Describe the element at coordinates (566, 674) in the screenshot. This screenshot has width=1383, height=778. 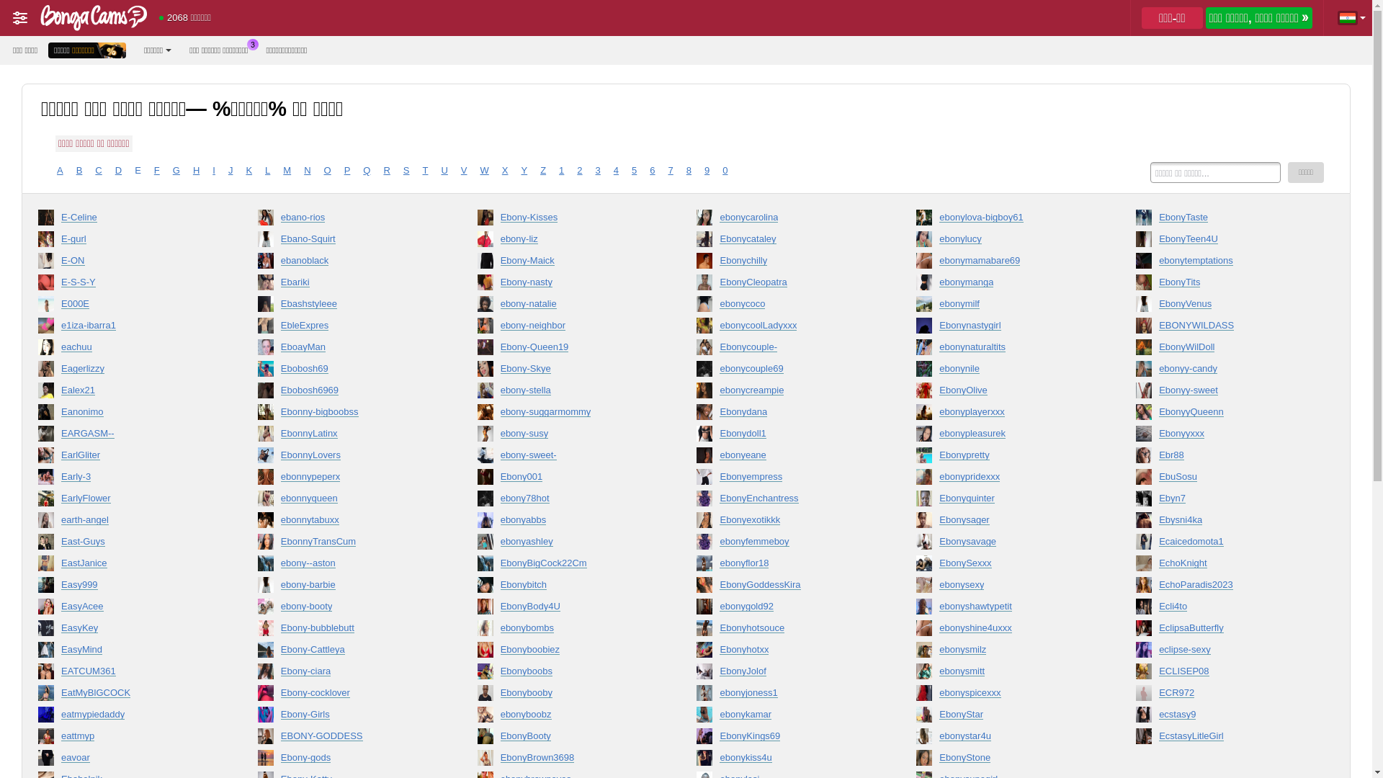
I see `'Ebonyboobs'` at that location.